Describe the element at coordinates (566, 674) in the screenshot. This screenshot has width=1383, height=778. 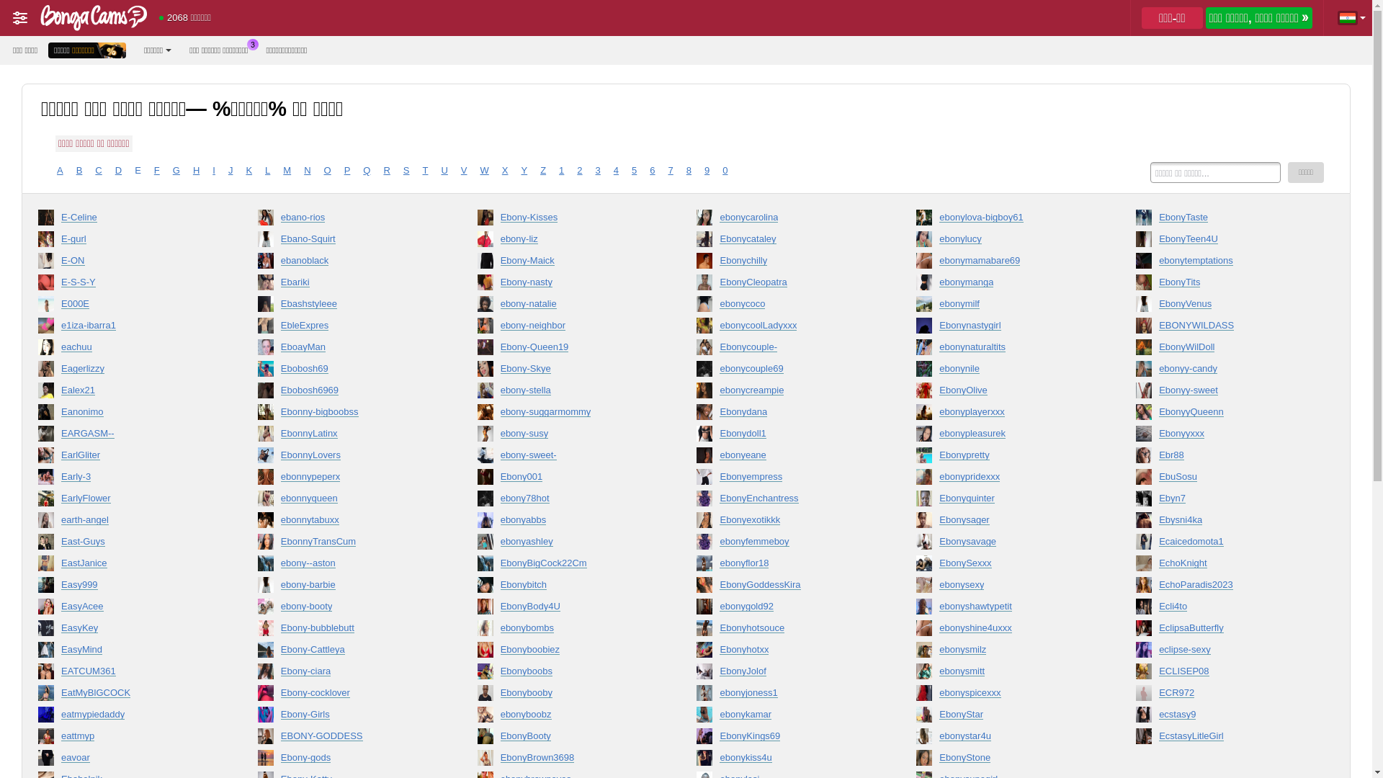
I see `'Ebonyboobs'` at that location.